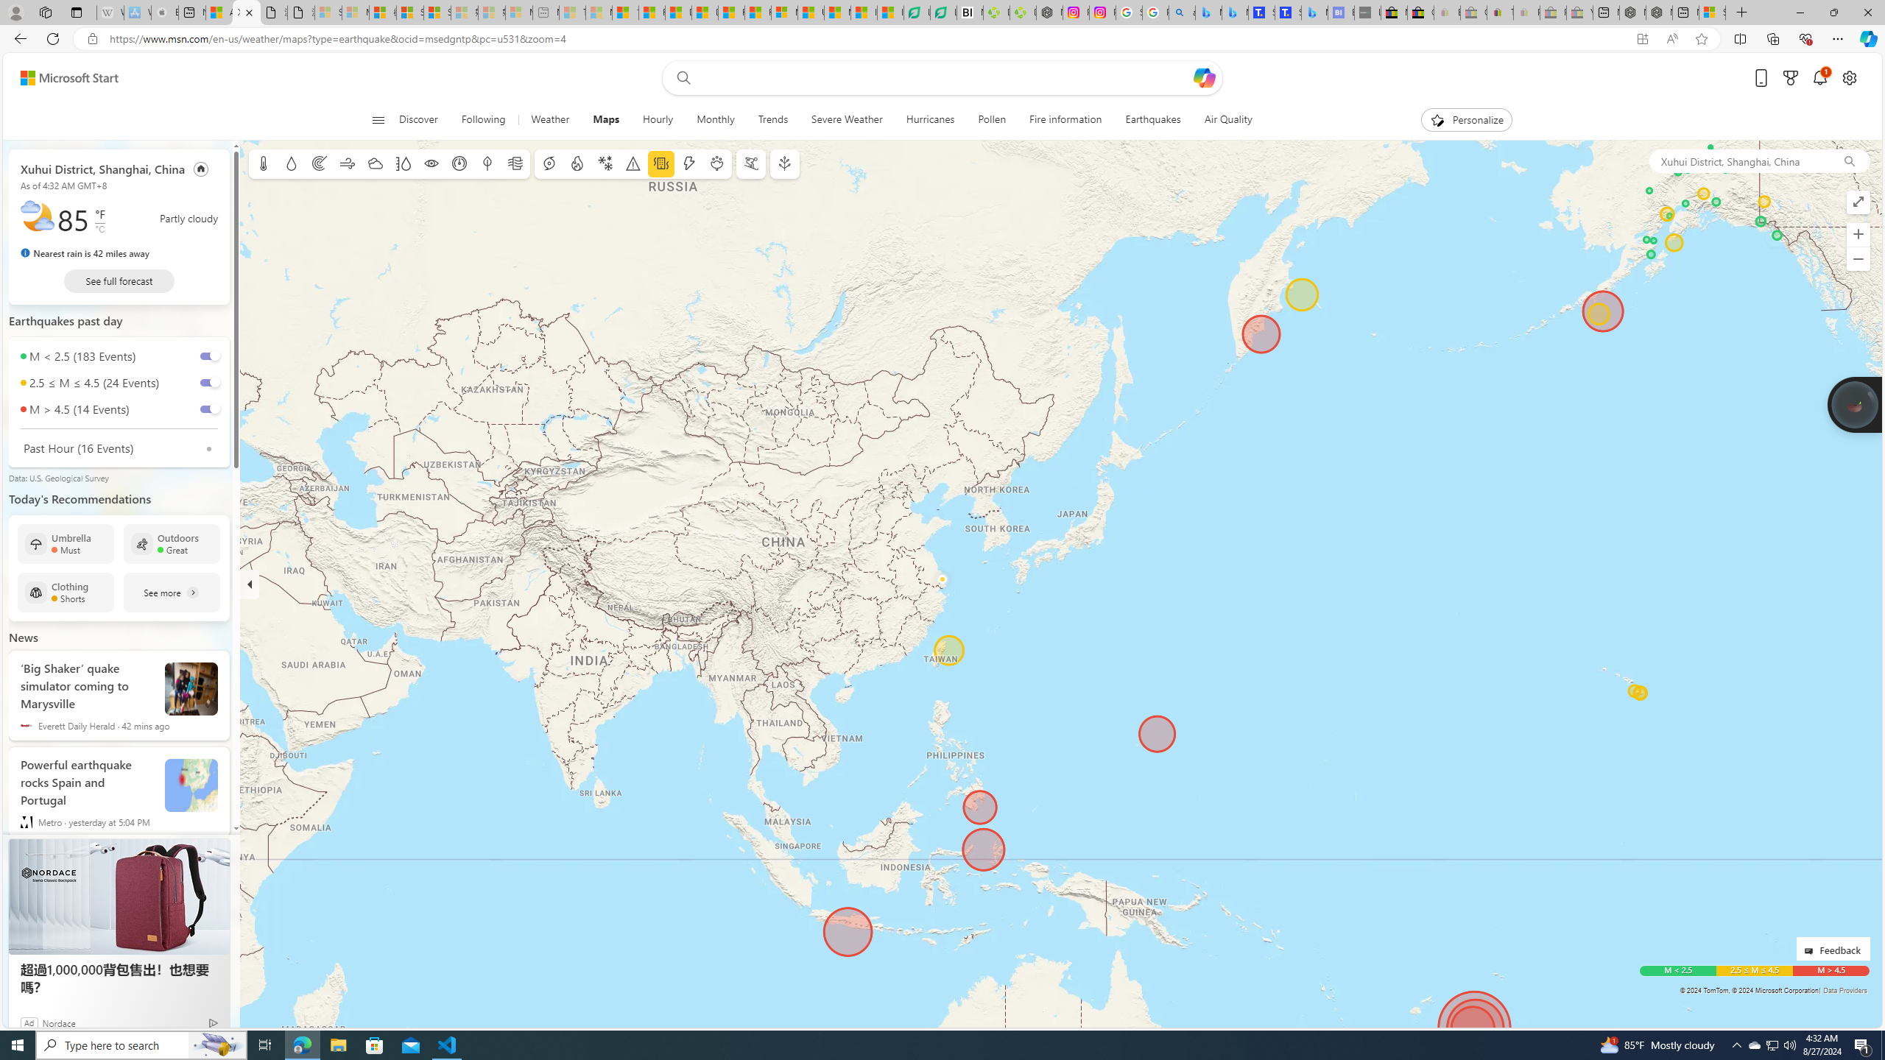 The height and width of the screenshot is (1060, 1885). Describe the element at coordinates (354, 12) in the screenshot. I see `'Microsoft Services Agreement - Sleeping'` at that location.